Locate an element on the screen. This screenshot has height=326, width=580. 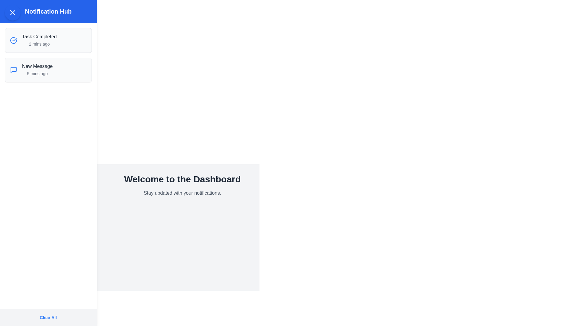
the completed task indicator icon located at the top-left corner of the notification list in the sidebar, which displays 'Task Completed' and '2 mins ago.' is located at coordinates (13, 40).